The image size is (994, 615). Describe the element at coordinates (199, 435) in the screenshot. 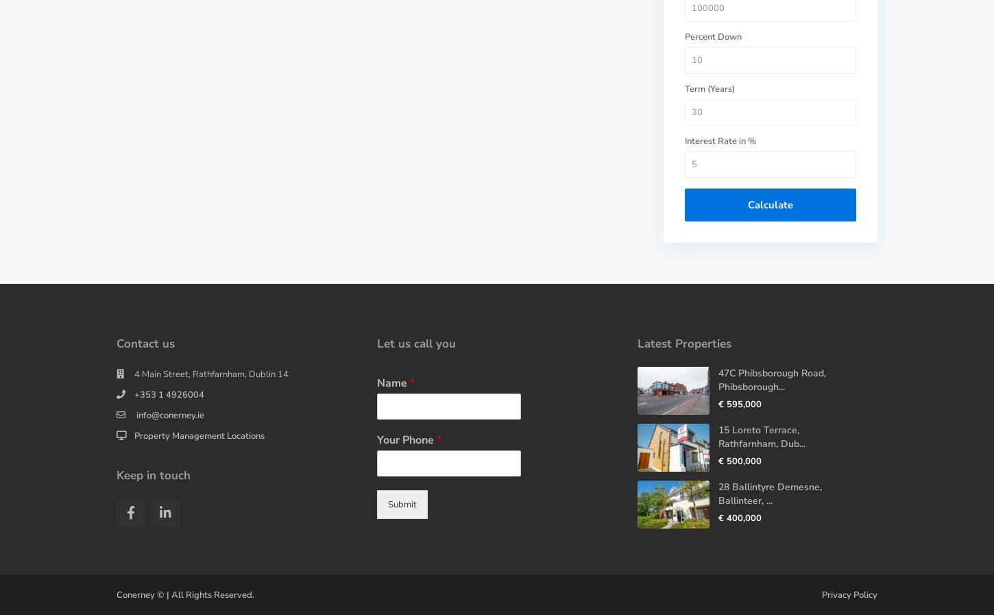

I see `'Property Management Locations'` at that location.